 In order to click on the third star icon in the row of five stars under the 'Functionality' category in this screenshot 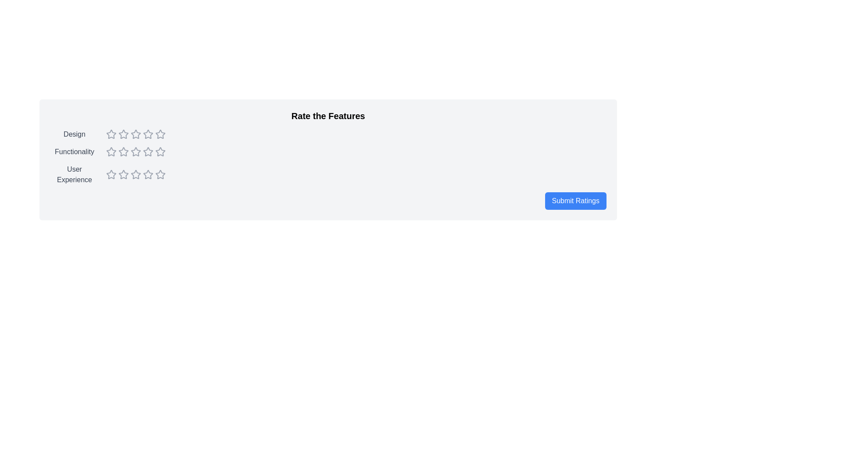, I will do `click(123, 152)`.